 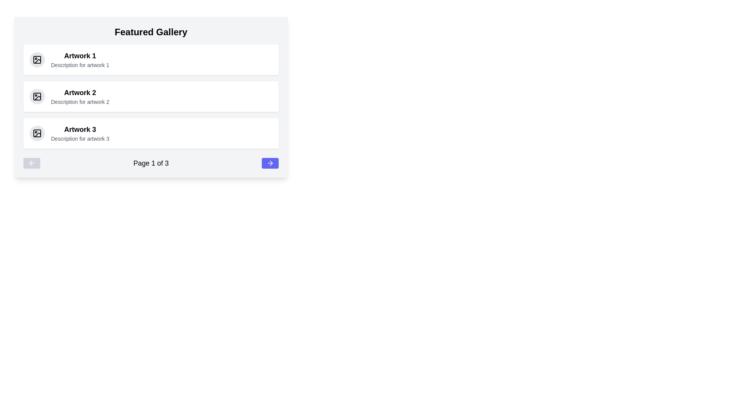 I want to click on rounded rectangle housing the broken image icon for 'Artwork 2', located adjacent to the text 'Artwork 2', so click(x=36, y=96).